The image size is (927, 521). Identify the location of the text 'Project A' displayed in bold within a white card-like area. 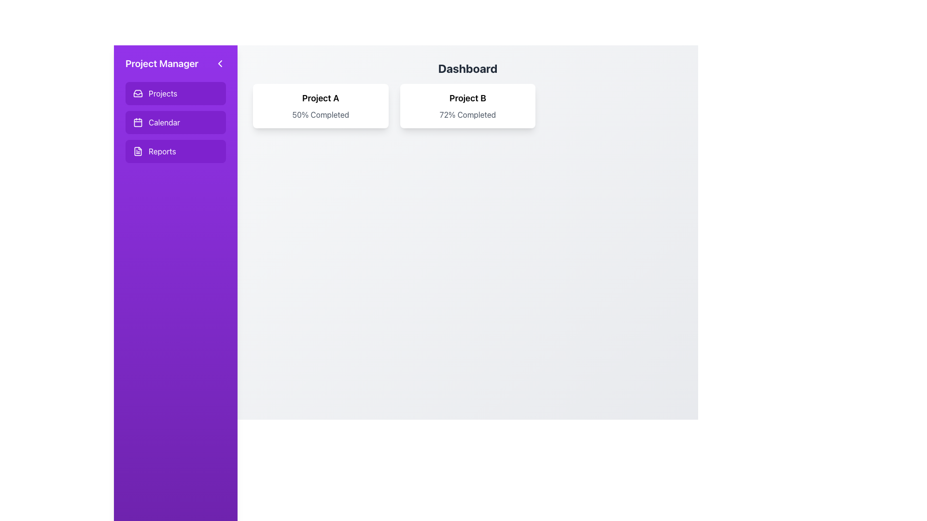
(320, 98).